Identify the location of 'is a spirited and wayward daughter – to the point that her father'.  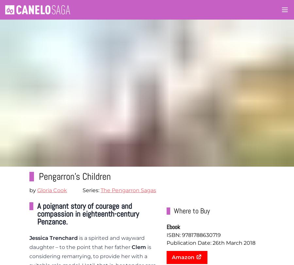
(29, 242).